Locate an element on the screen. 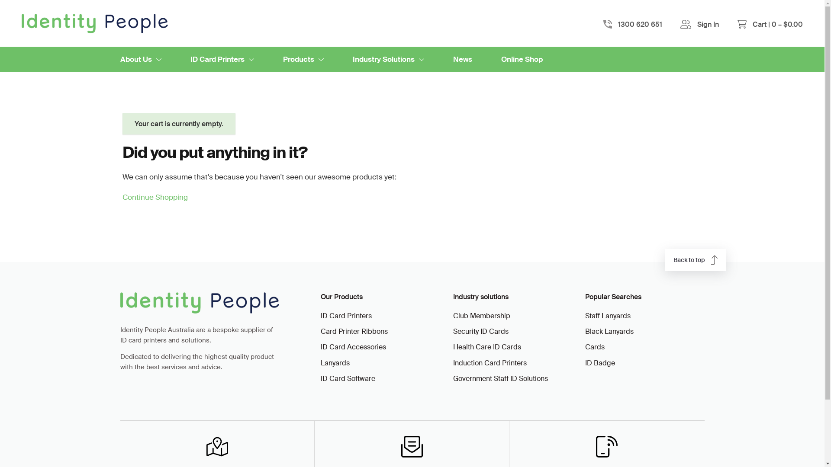 The image size is (831, 467). 'Induction Card Printers' is located at coordinates (511, 363).